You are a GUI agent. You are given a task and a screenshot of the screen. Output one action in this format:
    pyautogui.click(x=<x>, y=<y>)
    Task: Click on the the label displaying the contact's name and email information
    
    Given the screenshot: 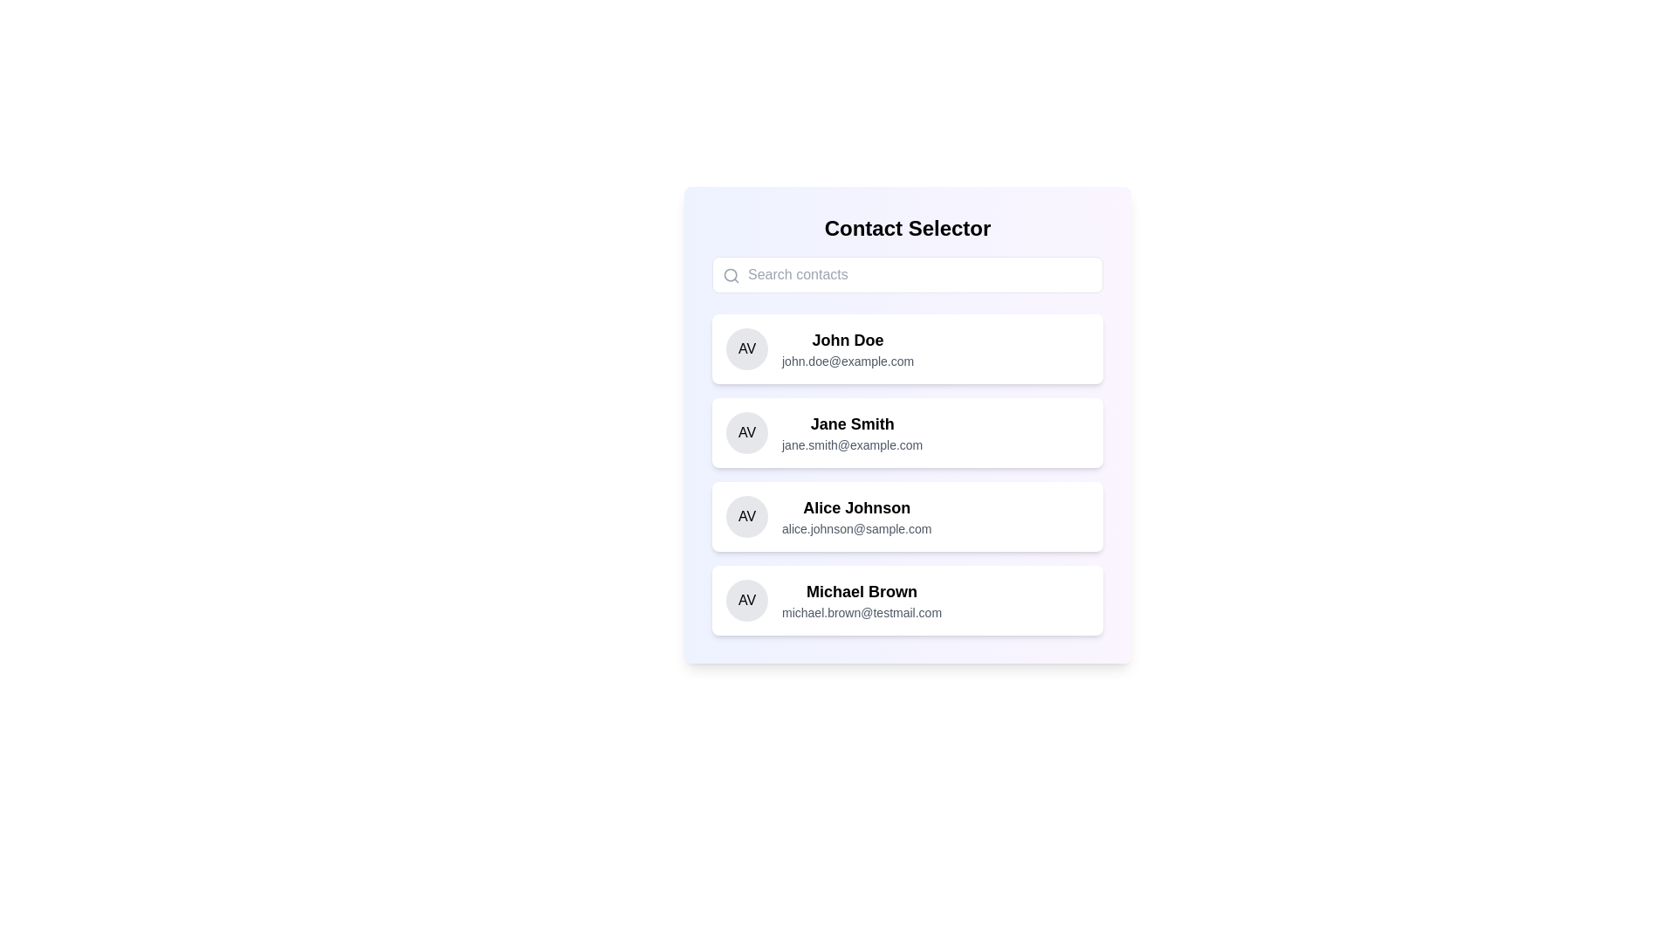 What is the action you would take?
    pyautogui.click(x=862, y=599)
    